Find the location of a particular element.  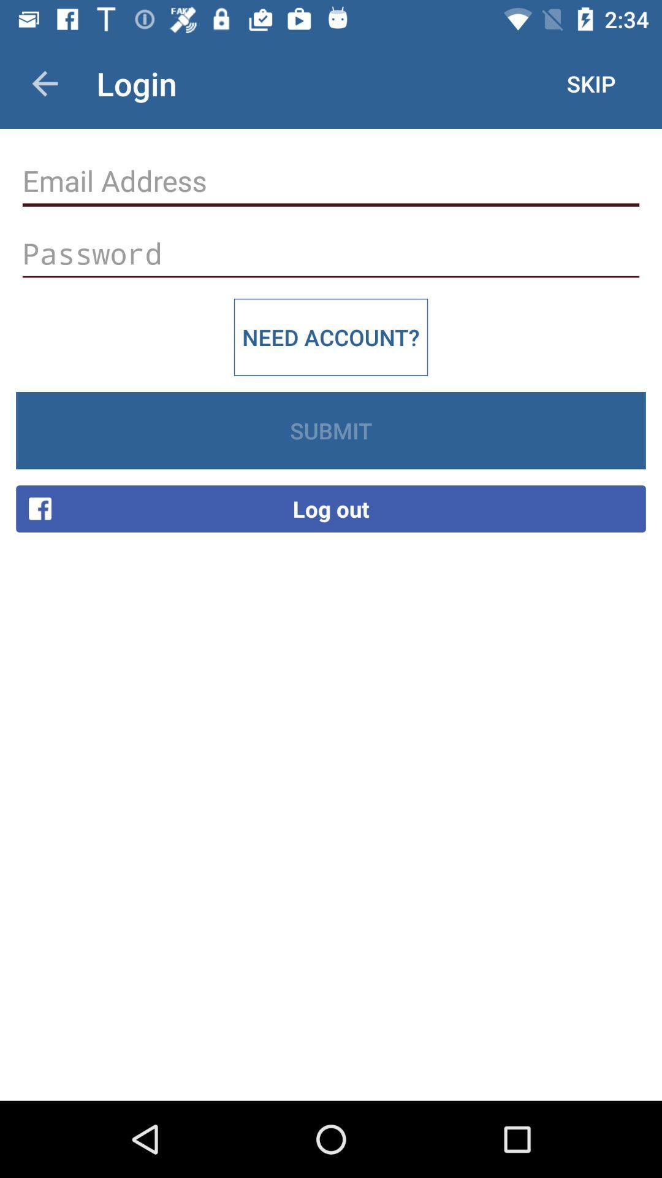

app to the left of the login item is located at coordinates (44, 83).